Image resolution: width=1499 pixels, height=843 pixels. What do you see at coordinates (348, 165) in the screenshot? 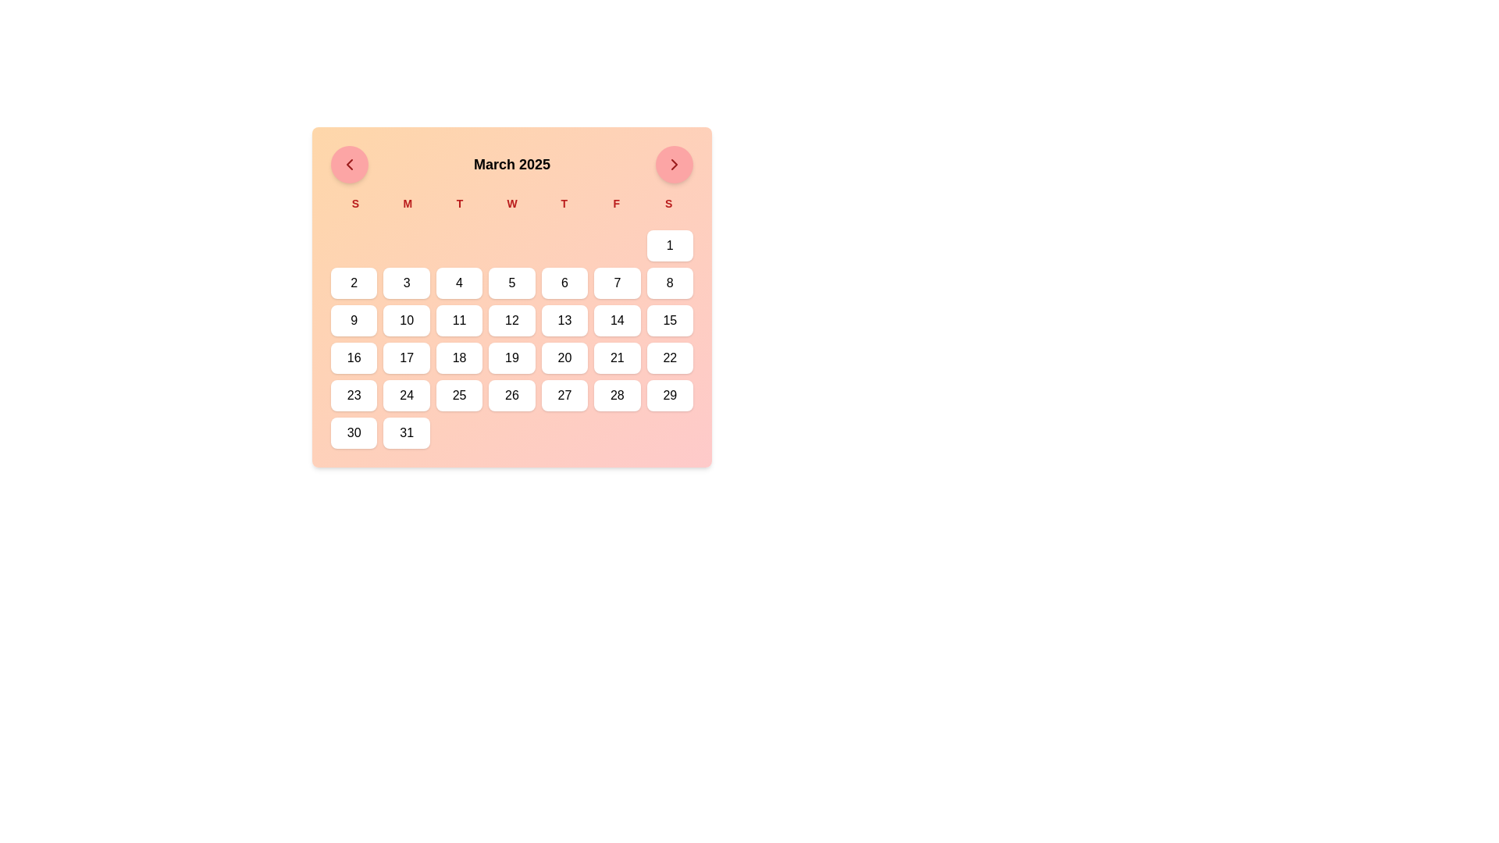
I see `the navigation button to move to the previous month, located to the left of 'March 2025' in the calendar header` at bounding box center [348, 165].